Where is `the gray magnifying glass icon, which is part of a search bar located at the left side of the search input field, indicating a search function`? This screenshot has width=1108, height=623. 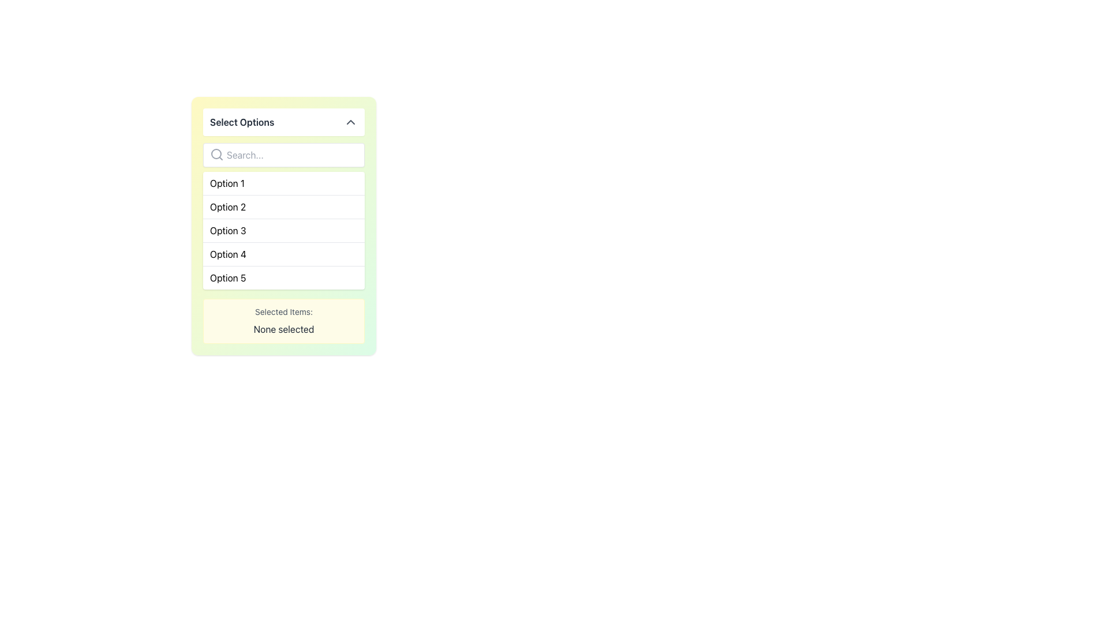
the gray magnifying glass icon, which is part of a search bar located at the left side of the search input field, indicating a search function is located at coordinates (216, 153).